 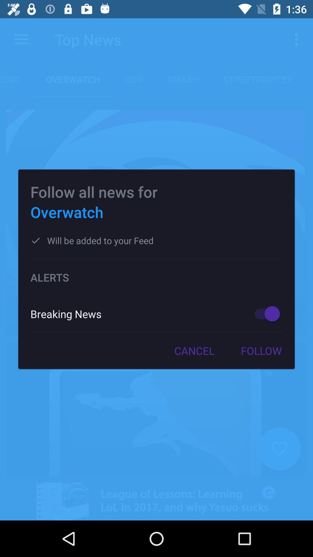 What do you see at coordinates (136, 314) in the screenshot?
I see `breaking news icon` at bounding box center [136, 314].